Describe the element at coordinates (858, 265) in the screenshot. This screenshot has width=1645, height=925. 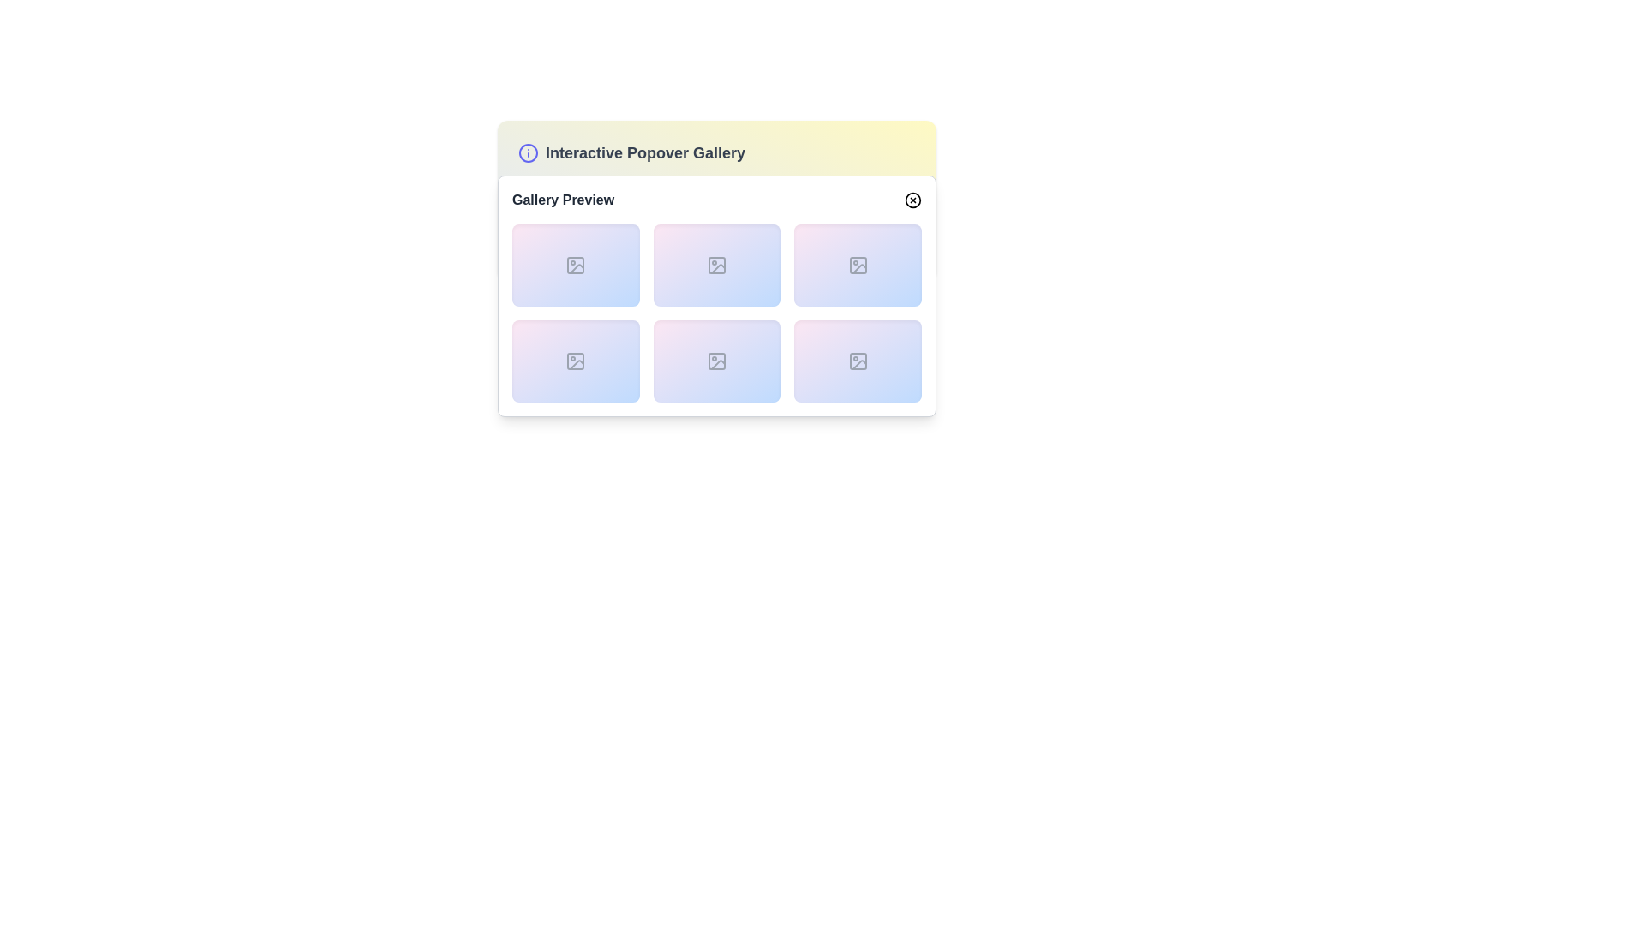
I see `the image placeholder icon in the top row and third column of the gallery component` at that location.